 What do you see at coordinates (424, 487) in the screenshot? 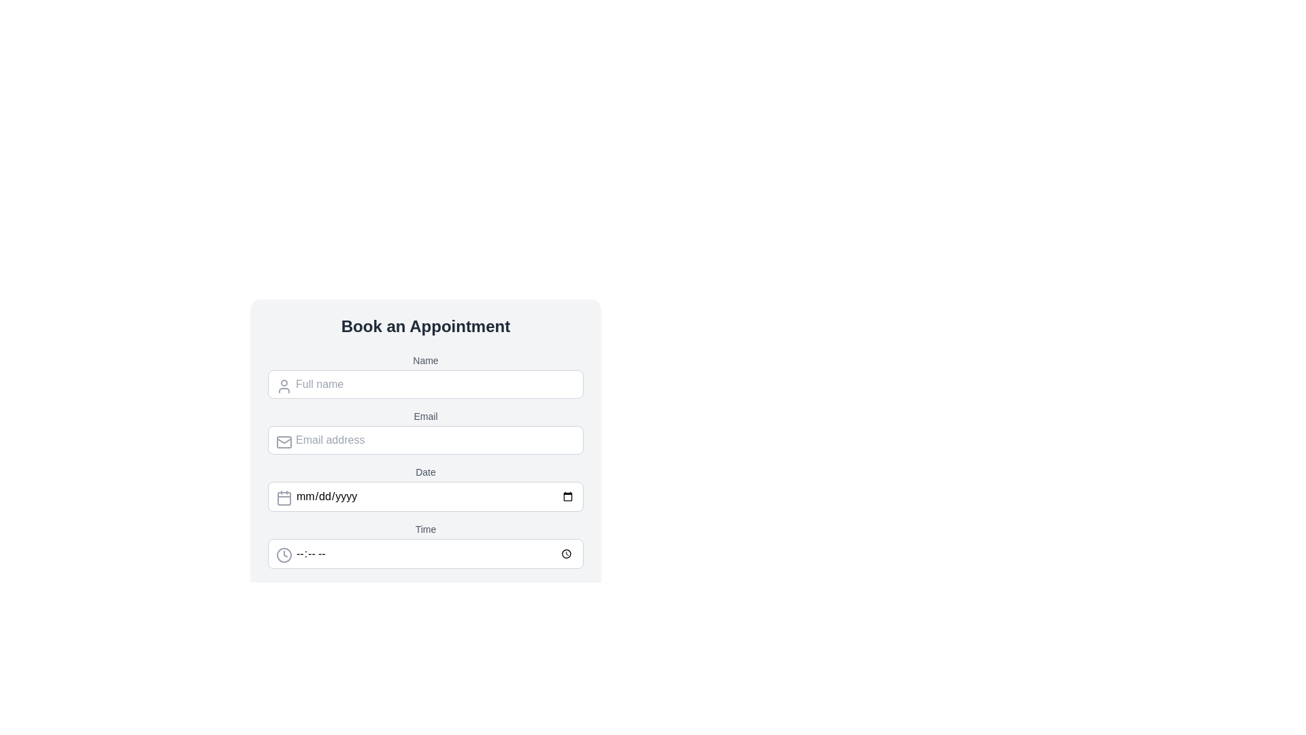
I see `the Date Input Field located below the 'Email' input field and above the 'Time' input field` at bounding box center [424, 487].